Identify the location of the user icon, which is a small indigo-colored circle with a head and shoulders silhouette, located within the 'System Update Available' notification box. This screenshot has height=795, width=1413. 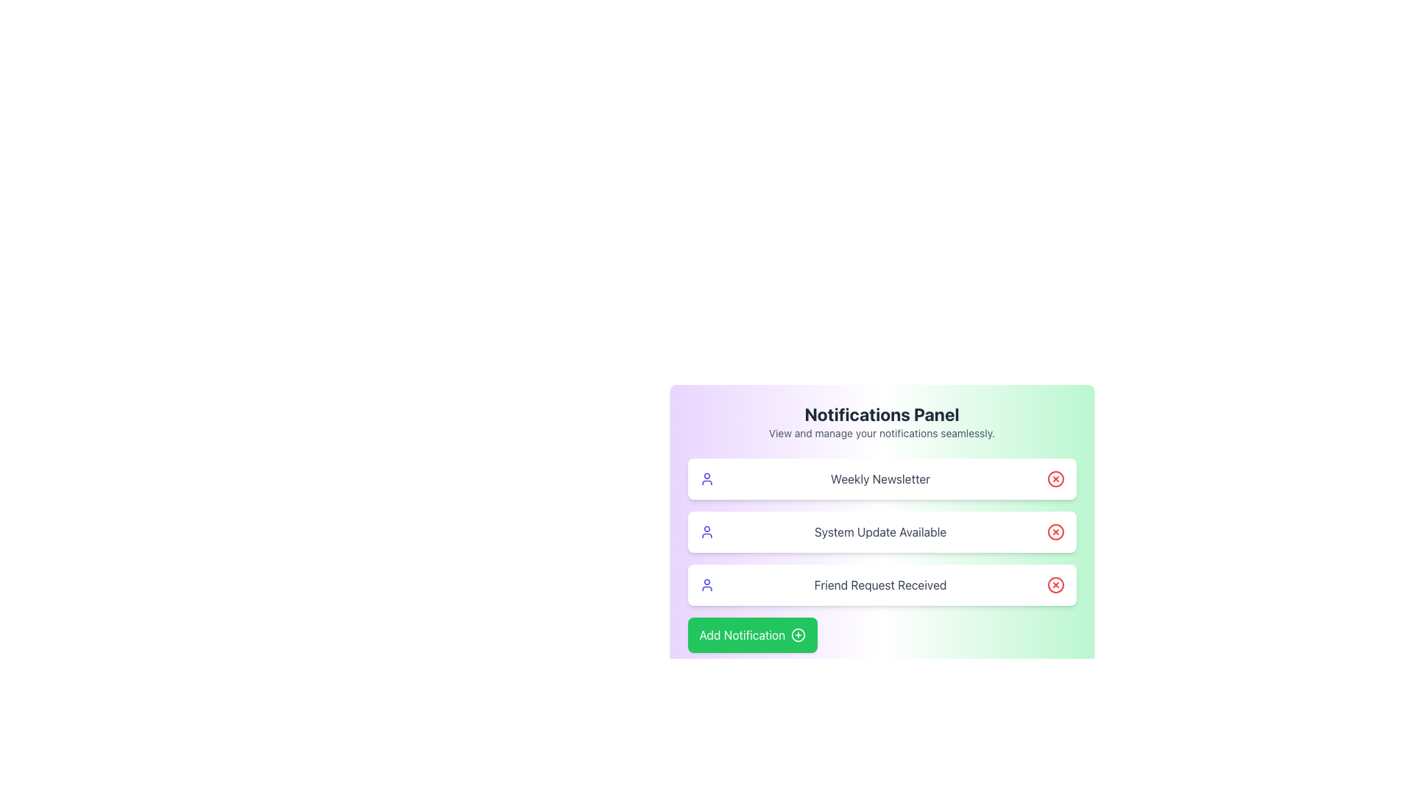
(706, 531).